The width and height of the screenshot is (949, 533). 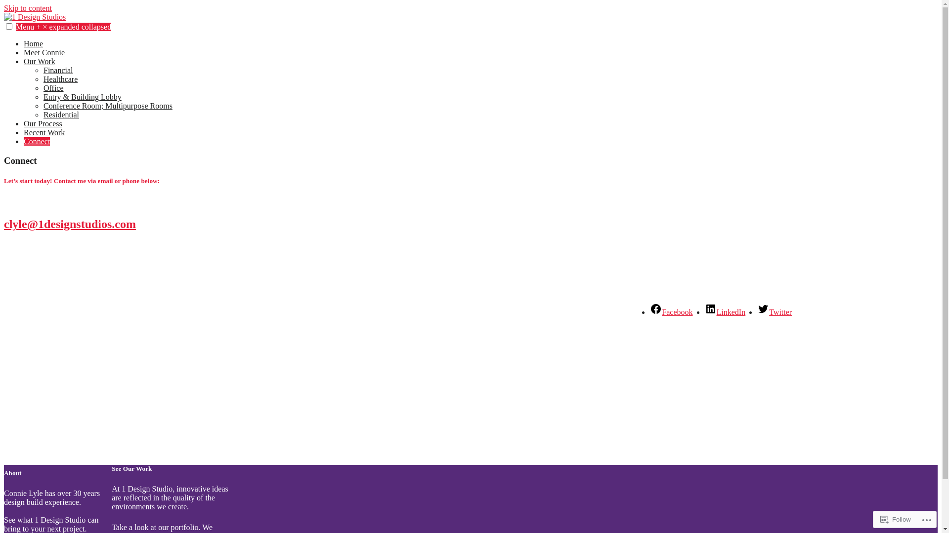 What do you see at coordinates (108, 106) in the screenshot?
I see `'Conference Room; Multipurpose Rooms'` at bounding box center [108, 106].